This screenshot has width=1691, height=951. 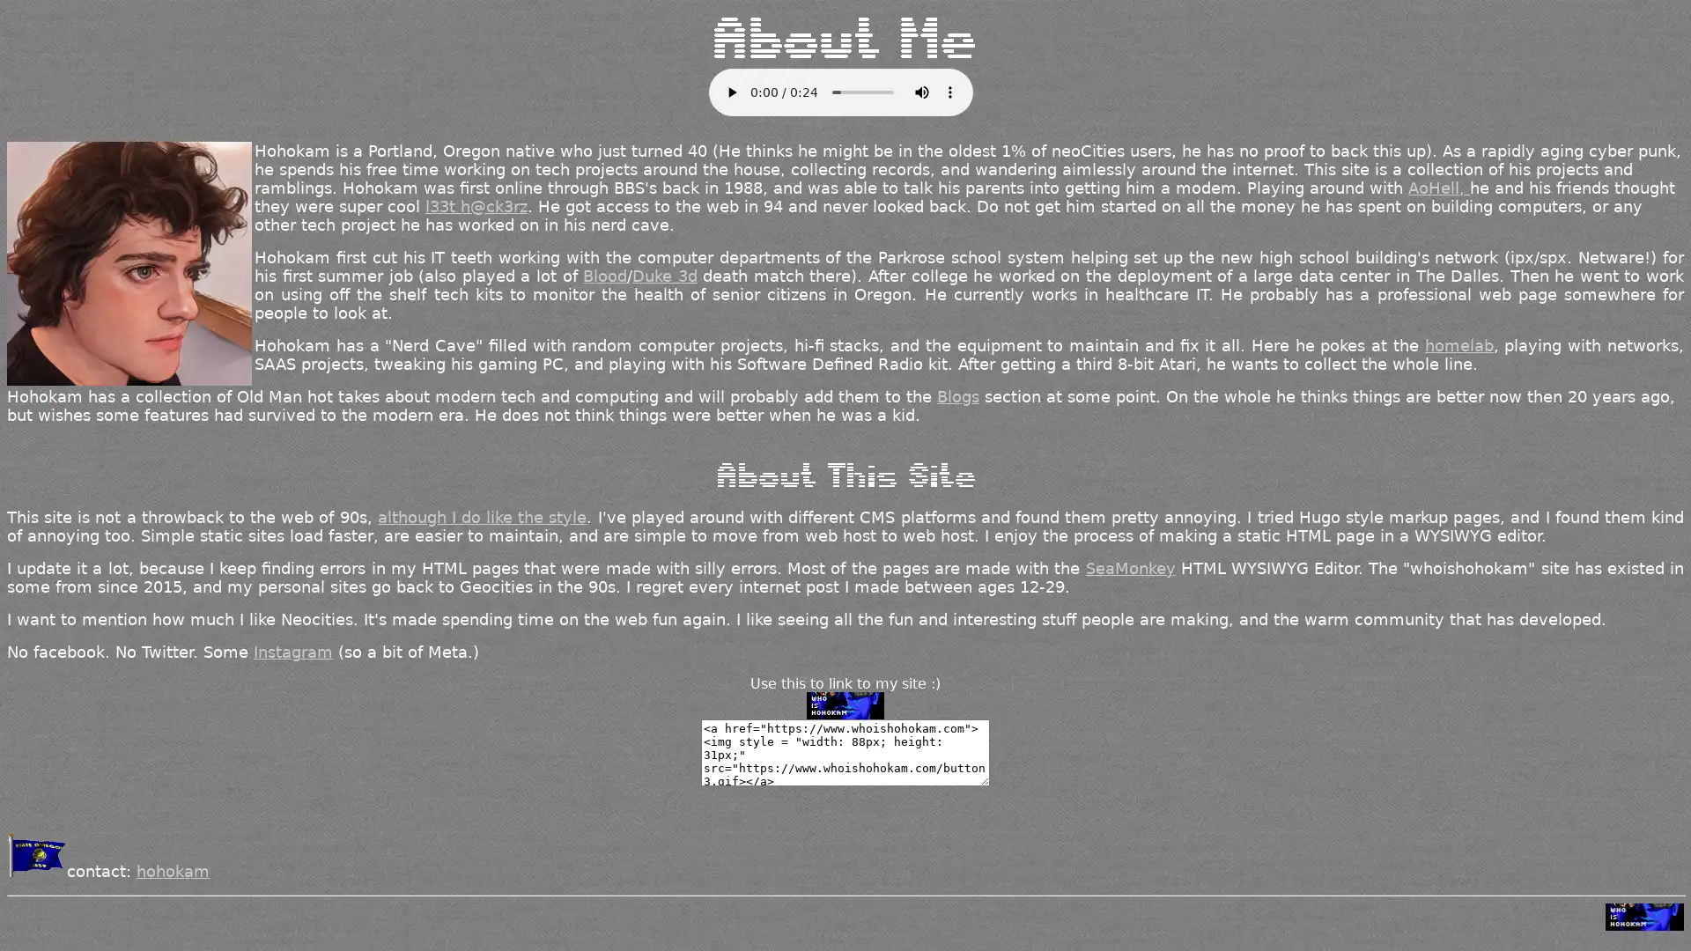 I want to click on show more media controls, so click(x=949, y=92).